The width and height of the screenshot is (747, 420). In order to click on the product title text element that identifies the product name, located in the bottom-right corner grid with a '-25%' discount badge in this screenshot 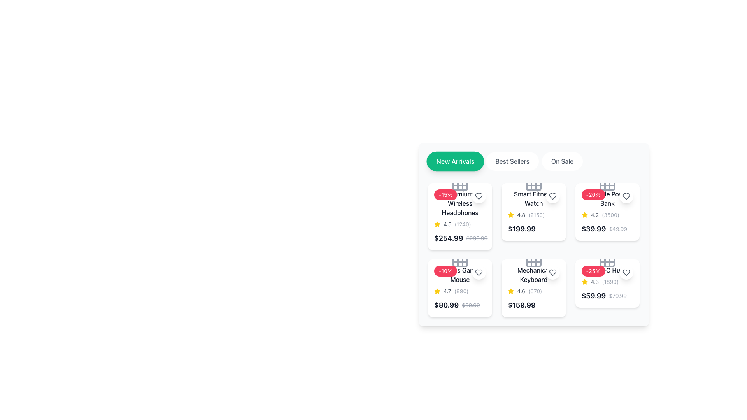, I will do `click(607, 269)`.